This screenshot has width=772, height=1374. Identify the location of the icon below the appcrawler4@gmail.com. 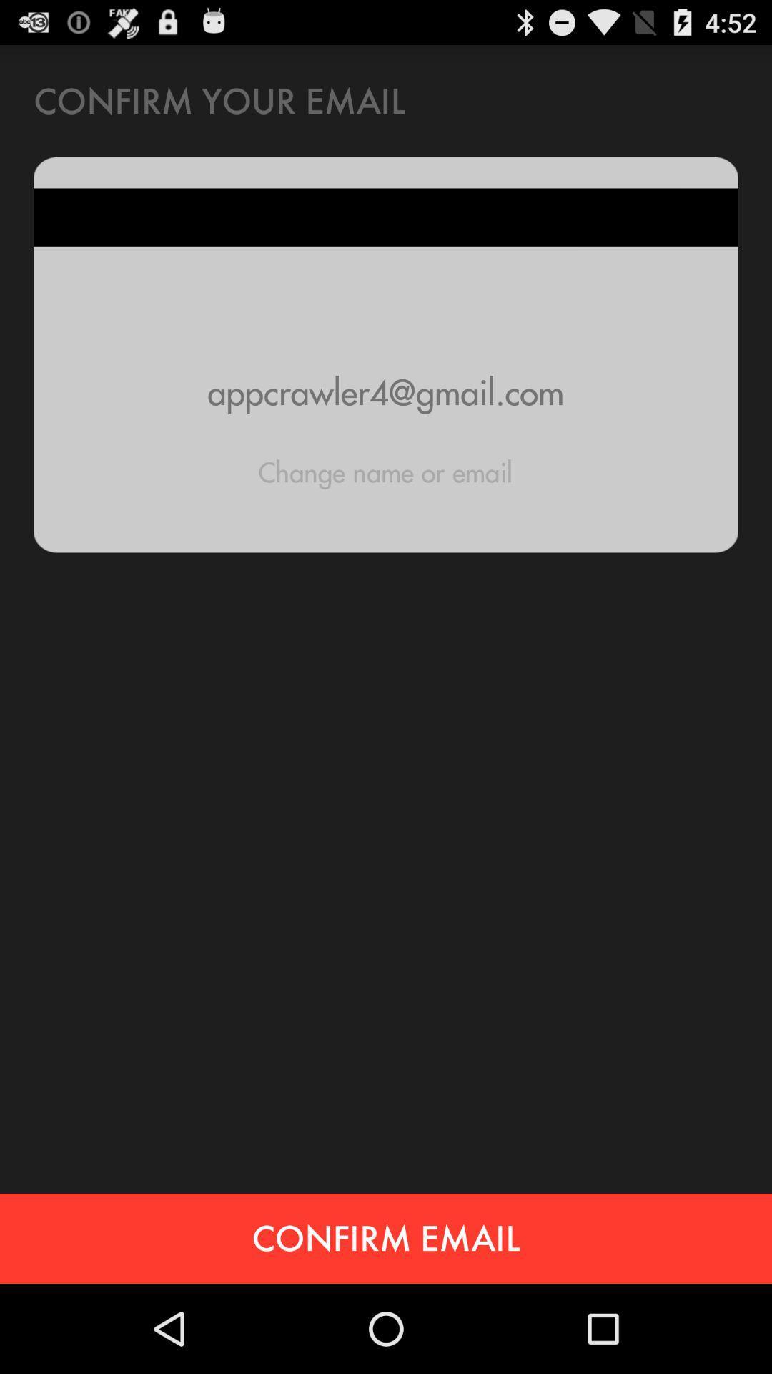
(385, 472).